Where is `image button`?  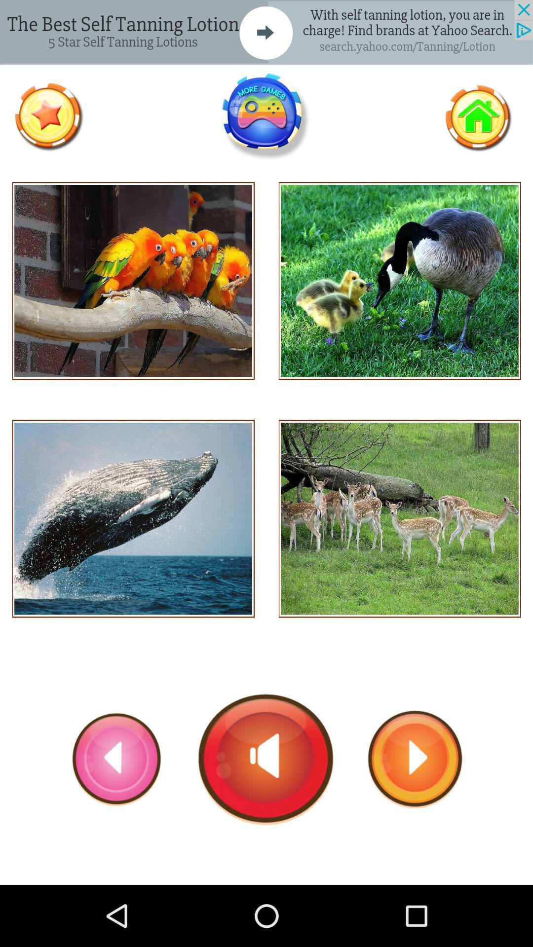
image button is located at coordinates (400, 280).